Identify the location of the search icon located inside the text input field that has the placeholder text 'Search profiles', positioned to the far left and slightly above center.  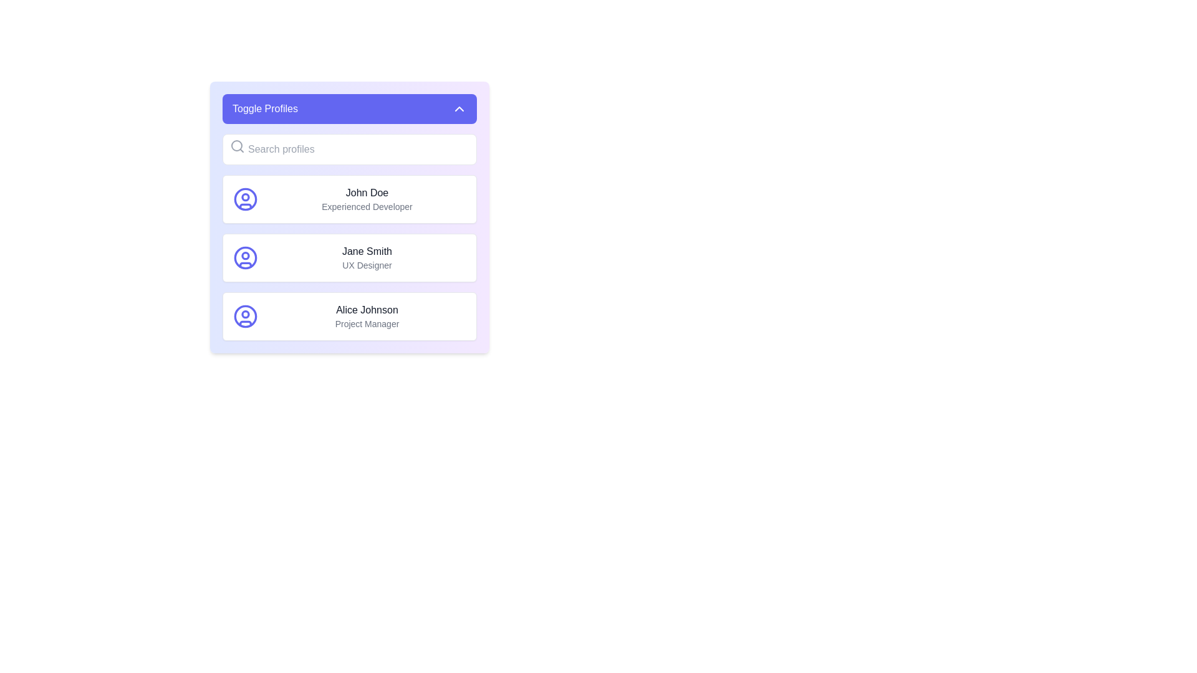
(237, 146).